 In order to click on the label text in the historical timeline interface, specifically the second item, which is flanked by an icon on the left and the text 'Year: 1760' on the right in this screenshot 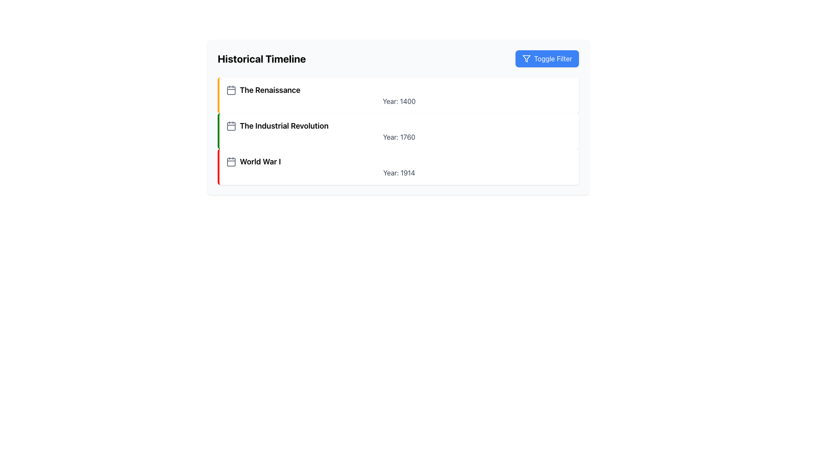, I will do `click(284, 126)`.